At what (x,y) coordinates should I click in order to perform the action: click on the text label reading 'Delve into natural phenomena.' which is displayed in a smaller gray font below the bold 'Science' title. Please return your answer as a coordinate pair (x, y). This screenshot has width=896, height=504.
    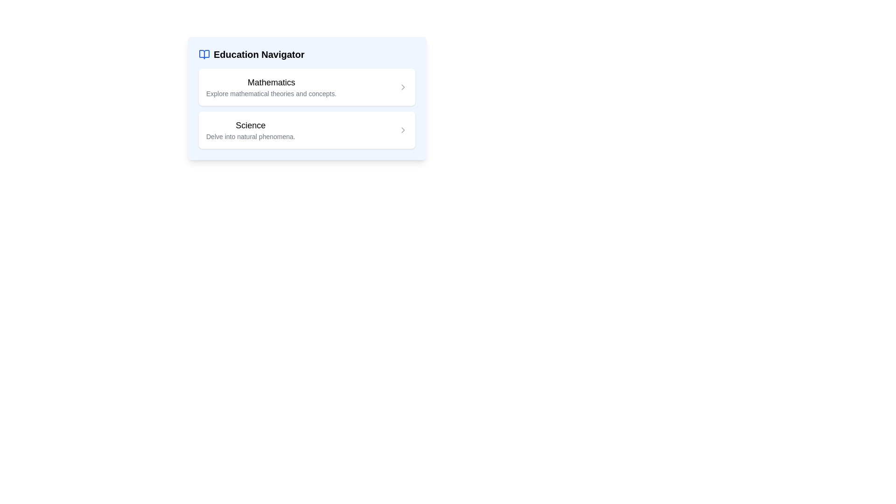
    Looking at the image, I should click on (251, 137).